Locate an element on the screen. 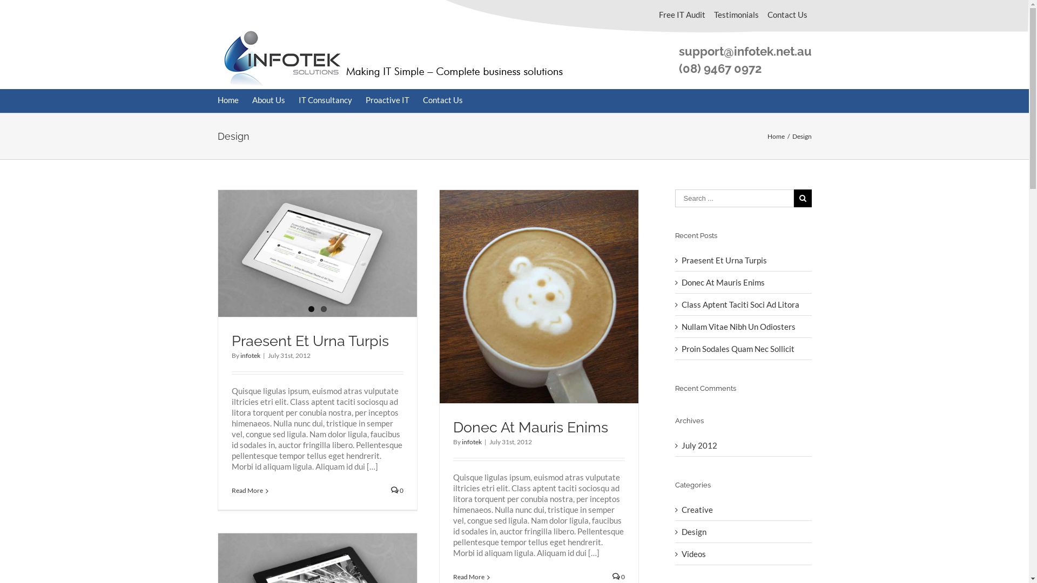  'Proin Sodales Quam Nec Sollicit' is located at coordinates (737, 348).